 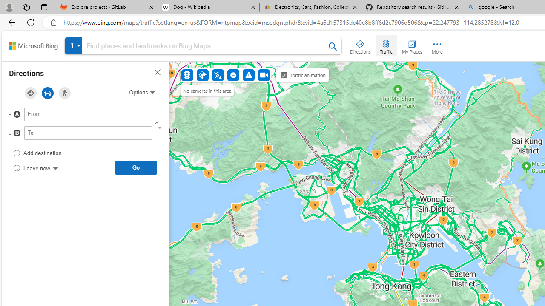 What do you see at coordinates (412, 45) in the screenshot?
I see `'My Places'` at bounding box center [412, 45].